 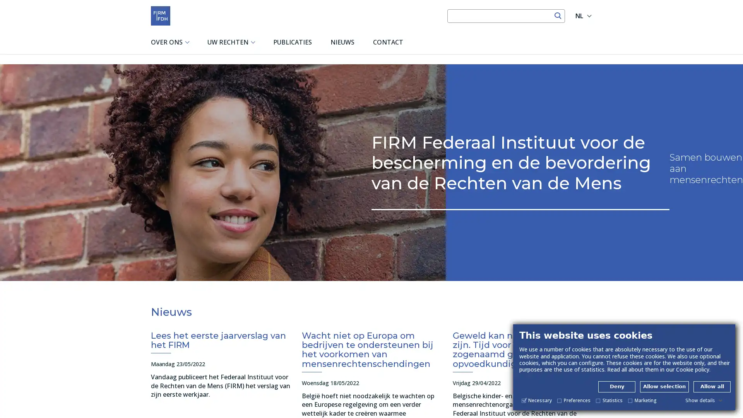 What do you see at coordinates (589, 16) in the screenshot?
I see `OTHER LANGUAGES` at bounding box center [589, 16].